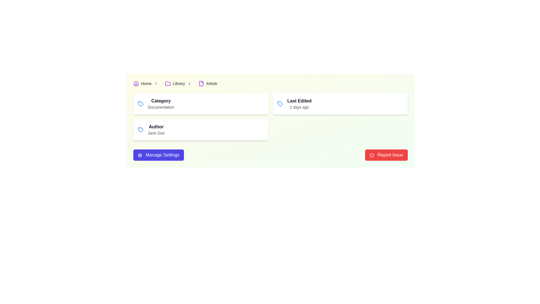 Image resolution: width=540 pixels, height=304 pixels. Describe the element at coordinates (299, 104) in the screenshot. I see `the informational text display that shows 'Last Edited' and '2 days ago' in the top-right quadrant of the layout` at that location.